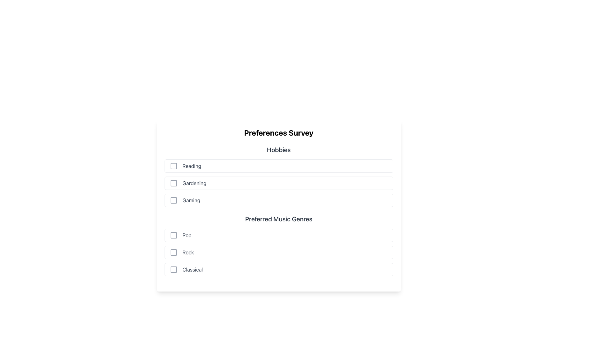 The height and width of the screenshot is (343, 610). I want to click on the Checkbox selection indicator for the 'Reading' option in the 'Hobbies' section, so click(173, 166).